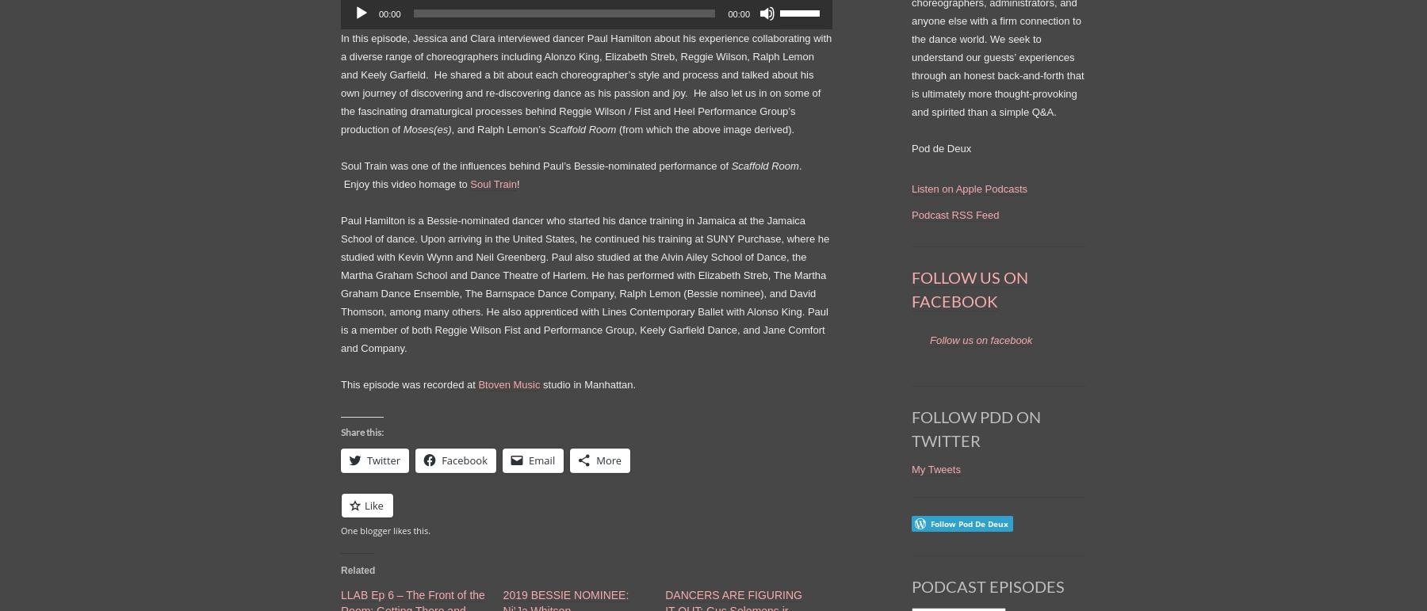 This screenshot has width=1427, height=611. I want to click on 'My Tweets', so click(935, 468).